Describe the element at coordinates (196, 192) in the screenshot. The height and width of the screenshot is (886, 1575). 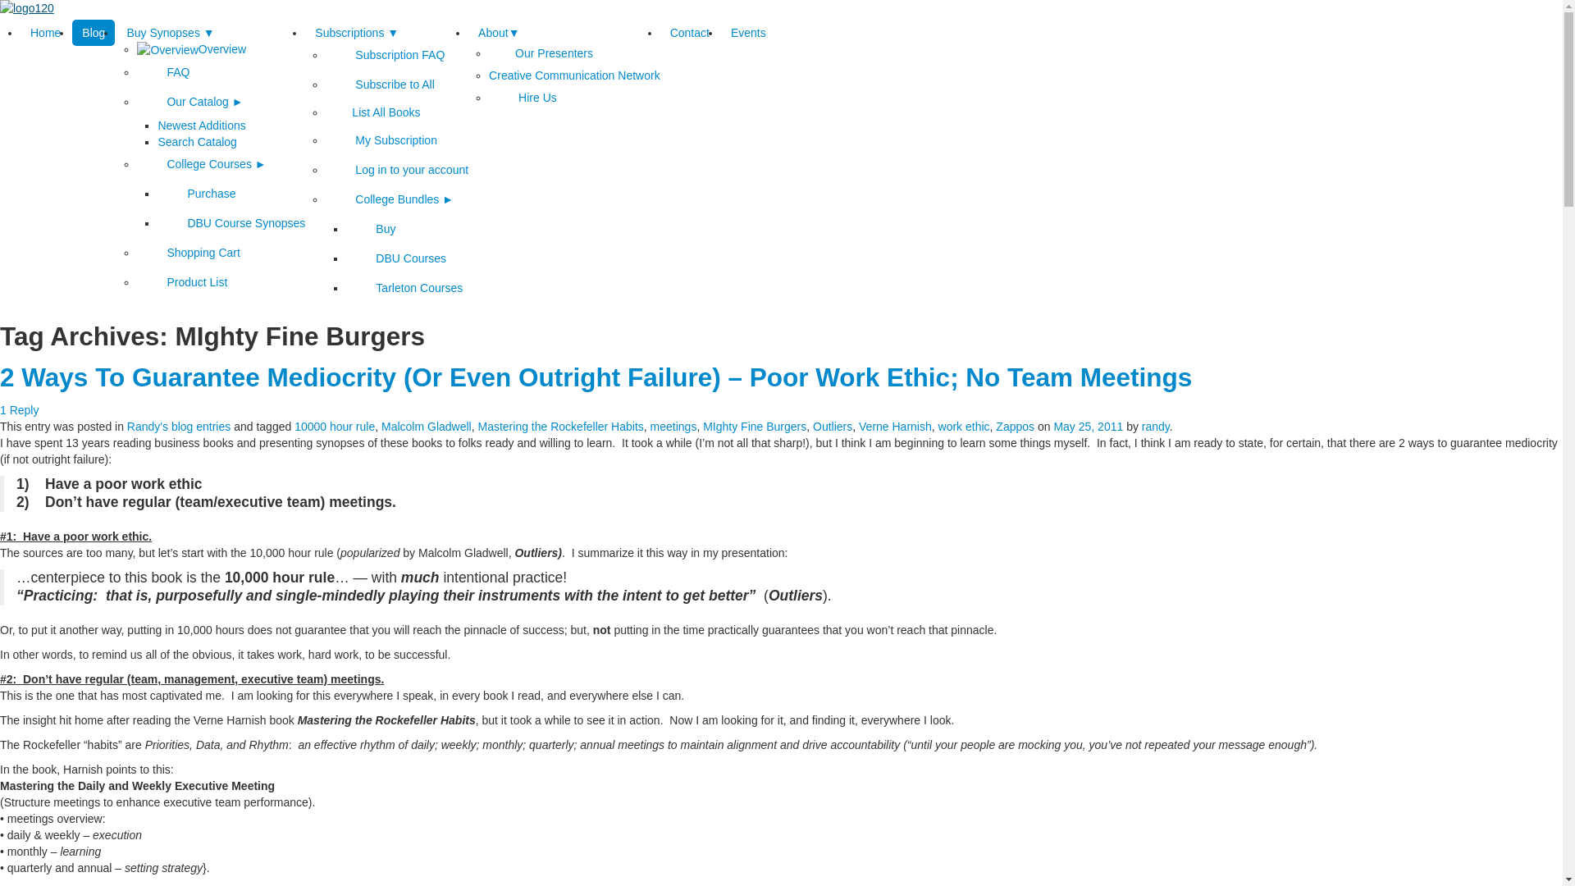
I see `'Purchase'` at that location.